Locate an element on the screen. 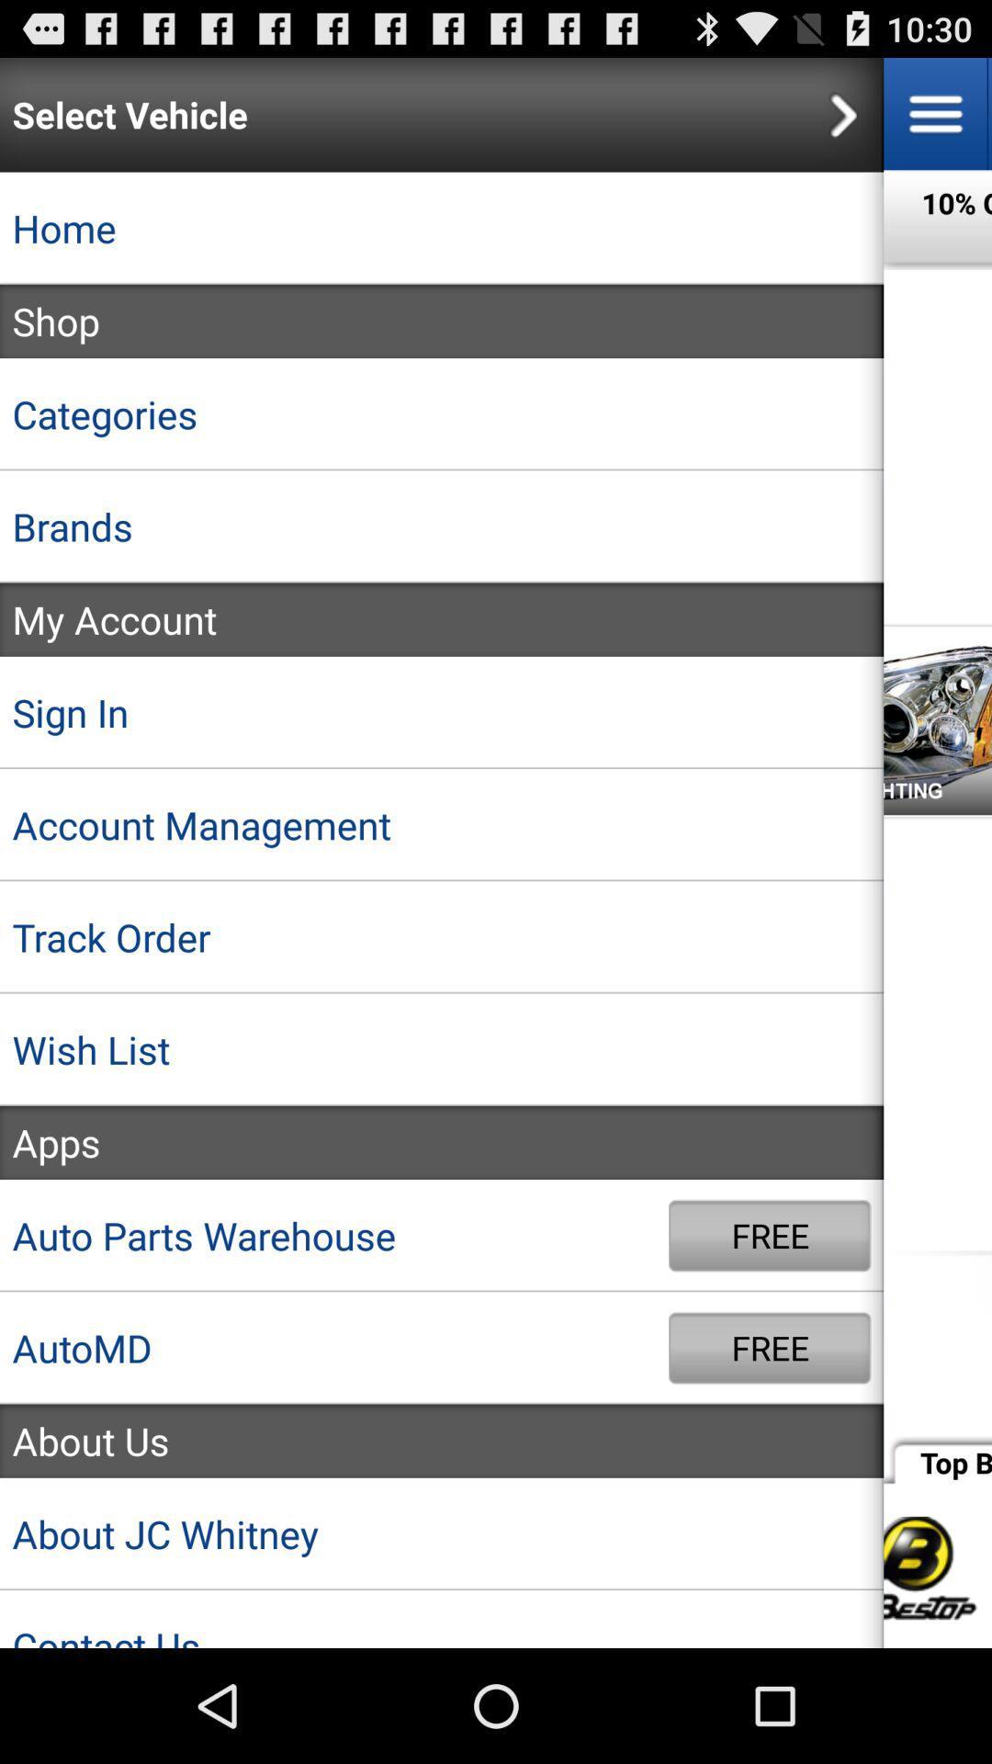 The image size is (992, 1764). the icon above the account management is located at coordinates (442, 711).